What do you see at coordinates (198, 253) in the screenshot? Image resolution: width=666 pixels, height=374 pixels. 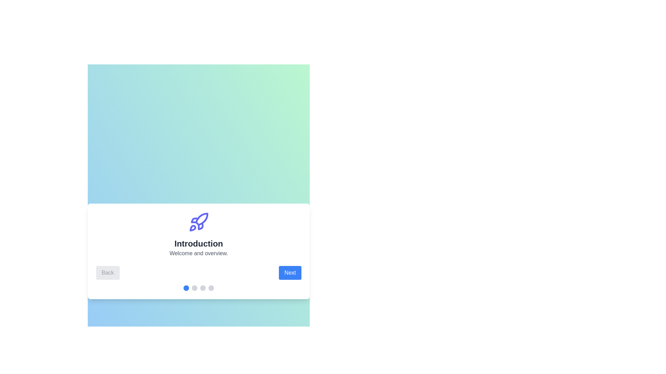 I see `the description text to select it` at bounding box center [198, 253].